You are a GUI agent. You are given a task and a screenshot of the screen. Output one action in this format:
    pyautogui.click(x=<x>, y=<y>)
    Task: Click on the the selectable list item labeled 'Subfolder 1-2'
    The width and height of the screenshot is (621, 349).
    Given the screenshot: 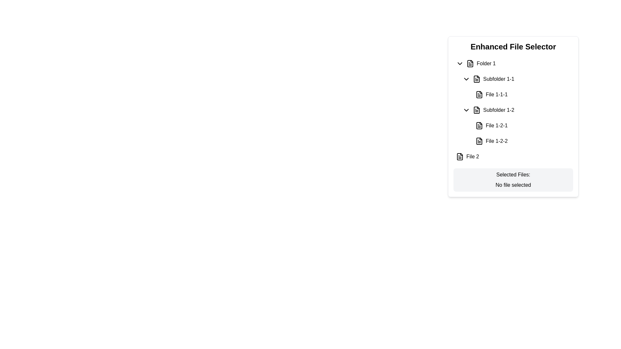 What is the action you would take?
    pyautogui.click(x=516, y=110)
    